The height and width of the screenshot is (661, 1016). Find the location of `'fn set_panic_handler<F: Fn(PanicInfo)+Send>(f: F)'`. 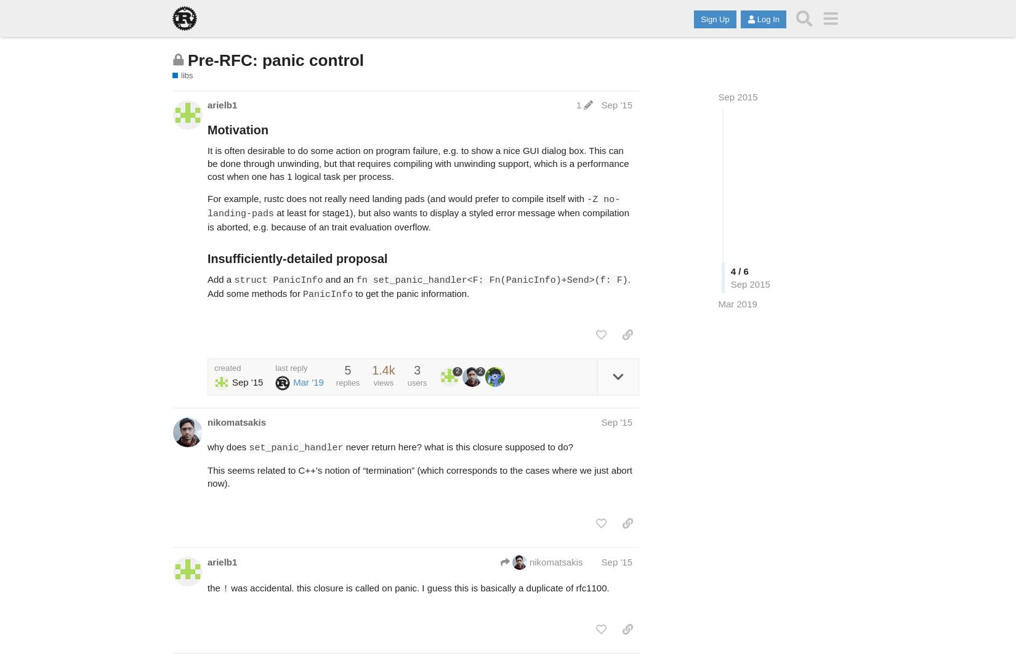

'fn set_panic_handler<F: Fn(PanicInfo)+Send>(f: F)' is located at coordinates (355, 280).